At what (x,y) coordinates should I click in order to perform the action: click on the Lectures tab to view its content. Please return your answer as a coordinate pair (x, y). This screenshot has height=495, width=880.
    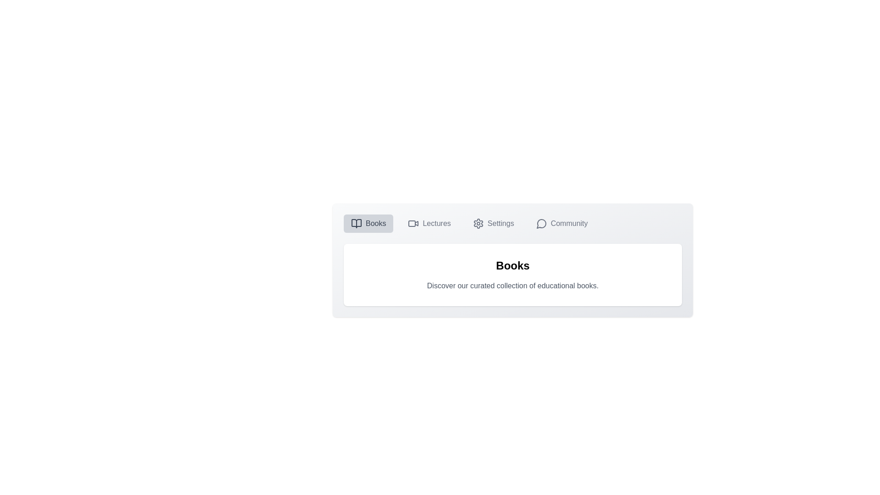
    Looking at the image, I should click on (429, 224).